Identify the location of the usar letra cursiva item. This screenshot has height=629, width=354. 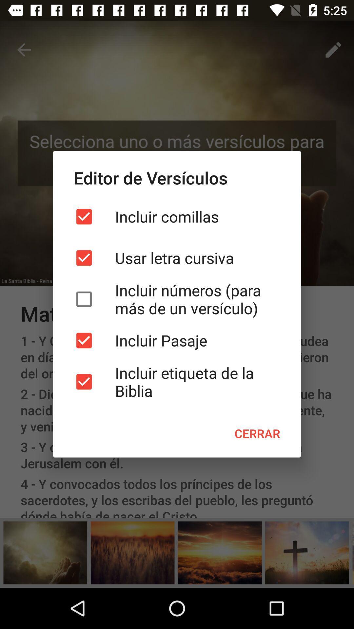
(177, 257).